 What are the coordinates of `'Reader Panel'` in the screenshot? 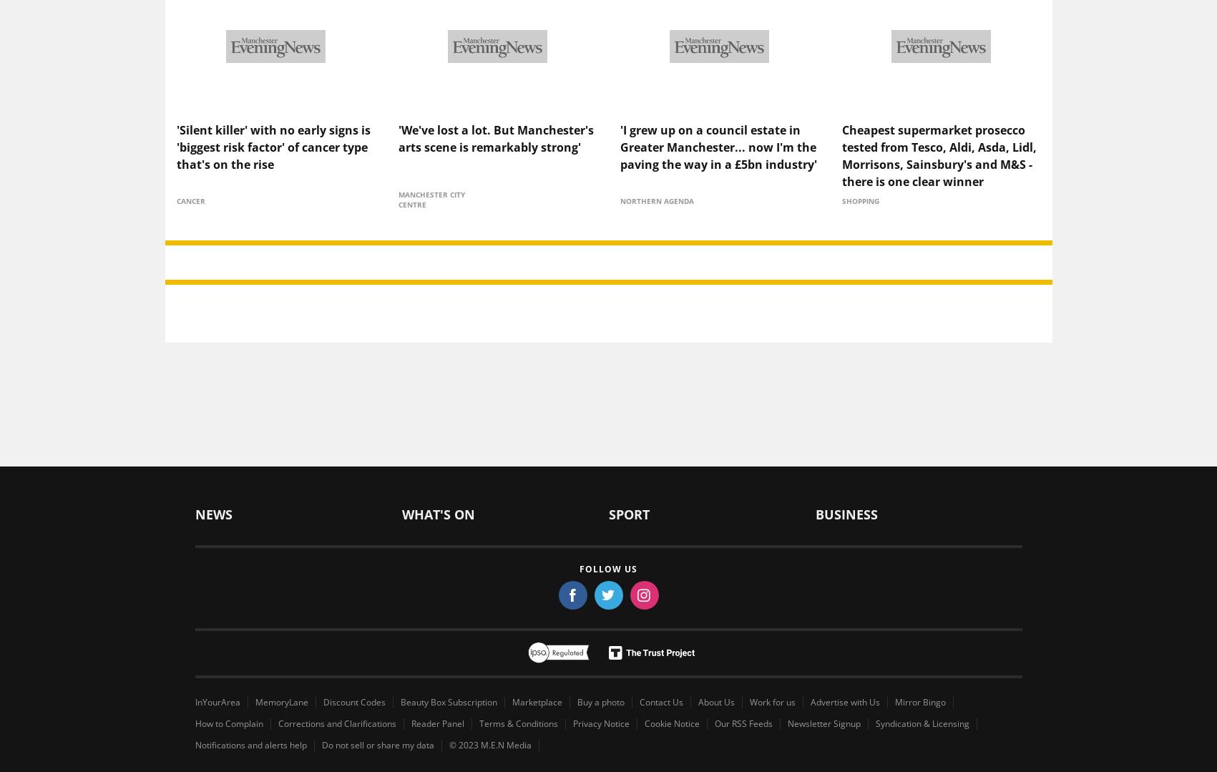 It's located at (436, 698).